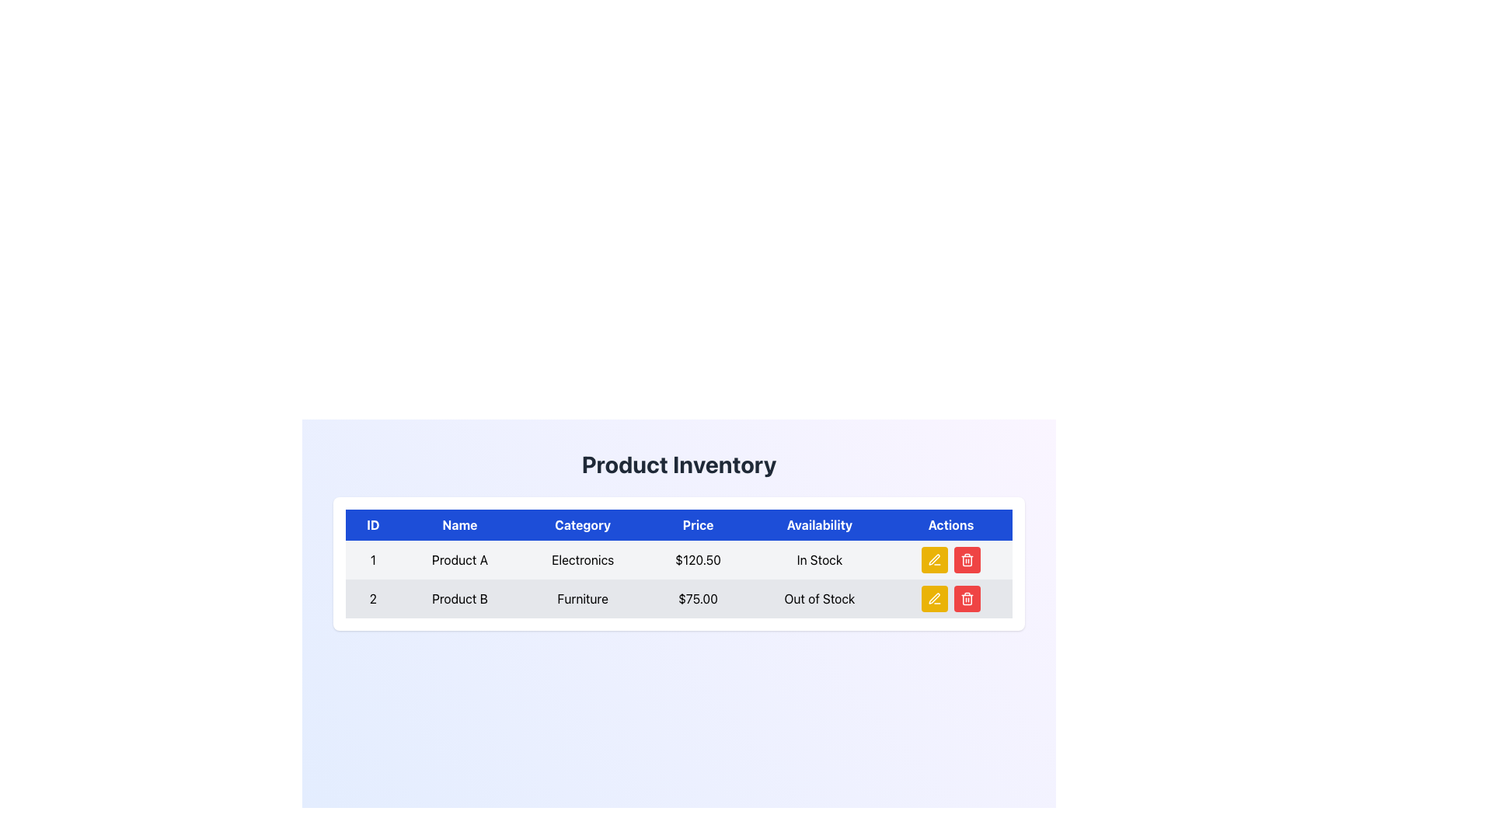 Image resolution: width=1492 pixels, height=839 pixels. Describe the element at coordinates (933, 560) in the screenshot. I see `the edit button associated with 'Product A' in the 'Actions' column of the table` at that location.